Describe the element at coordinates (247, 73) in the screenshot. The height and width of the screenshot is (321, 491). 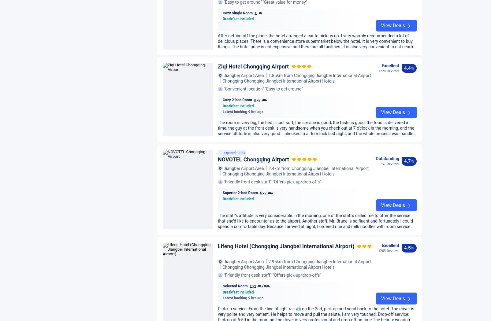
I see `'Friendly front desk staff'` at that location.